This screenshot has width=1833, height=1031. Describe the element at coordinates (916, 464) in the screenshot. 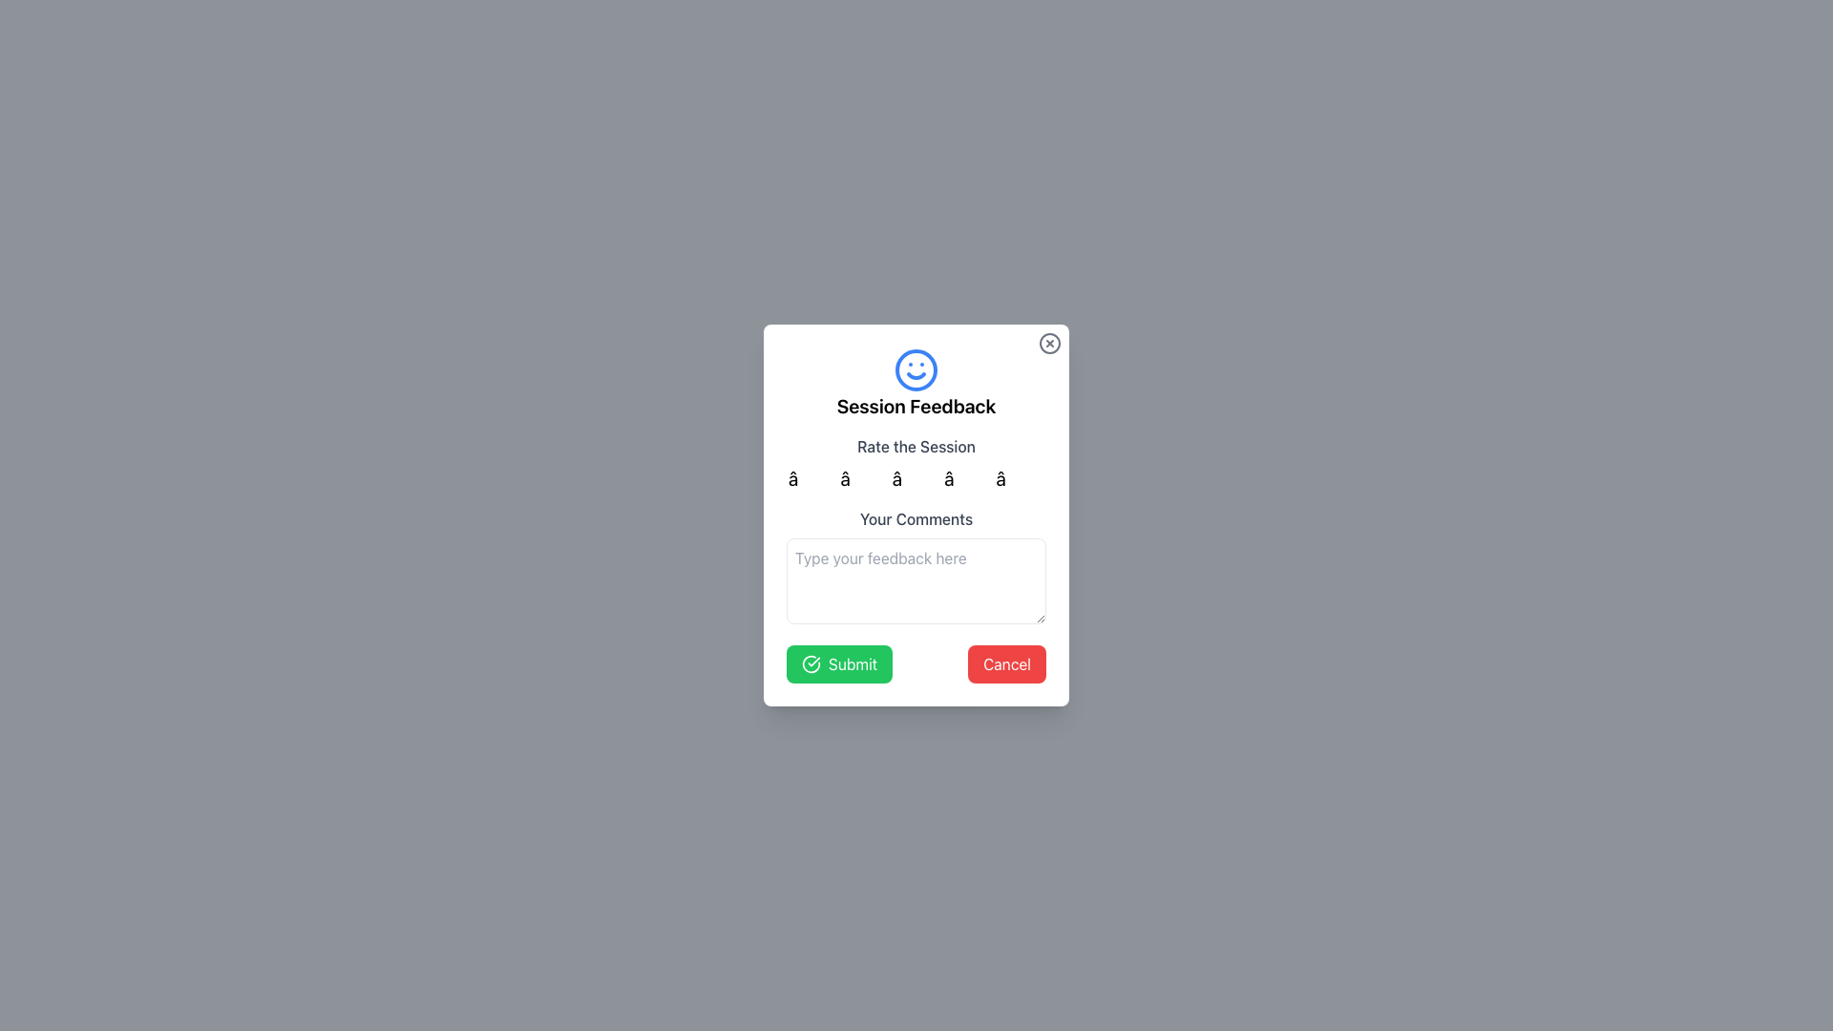

I see `the star rating selector component located within the modal box under the 'Session Feedback' title` at that location.